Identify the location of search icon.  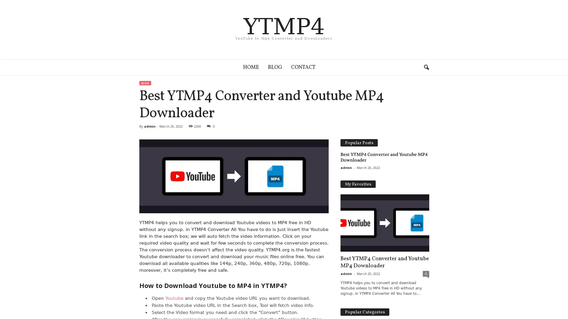
(426, 67).